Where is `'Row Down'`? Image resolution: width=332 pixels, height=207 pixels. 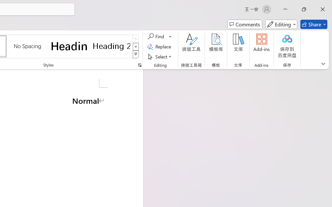
'Row Down' is located at coordinates (136, 46).